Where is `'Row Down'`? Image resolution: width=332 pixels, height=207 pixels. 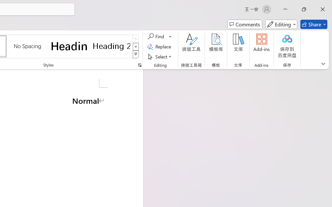
'Row Down' is located at coordinates (136, 46).